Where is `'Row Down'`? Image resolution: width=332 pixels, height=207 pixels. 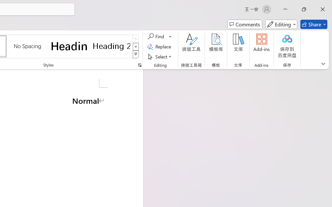
'Row Down' is located at coordinates (136, 46).